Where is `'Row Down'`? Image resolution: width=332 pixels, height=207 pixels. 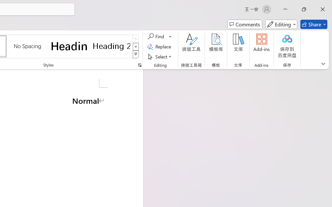
'Row Down' is located at coordinates (136, 46).